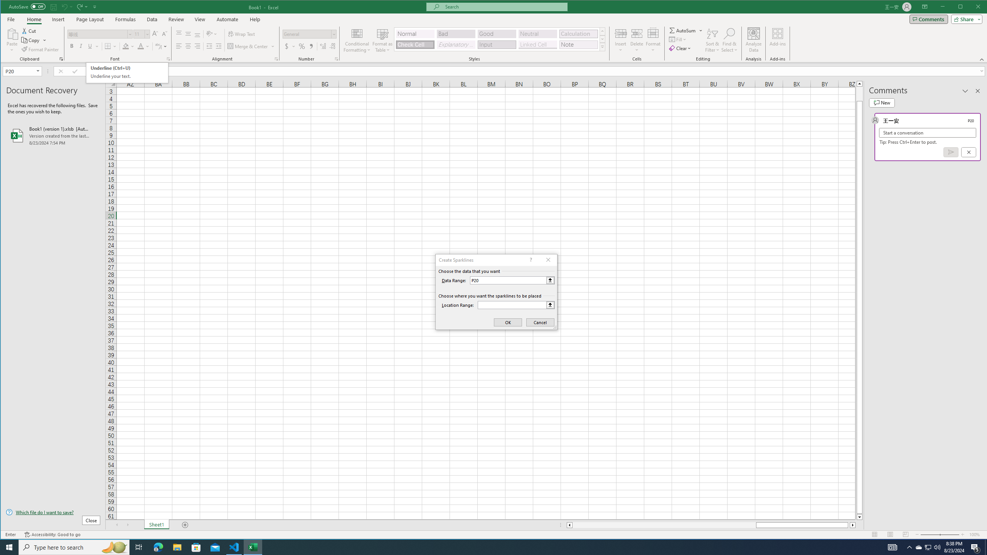  What do you see at coordinates (637, 40) in the screenshot?
I see `'Delete'` at bounding box center [637, 40].